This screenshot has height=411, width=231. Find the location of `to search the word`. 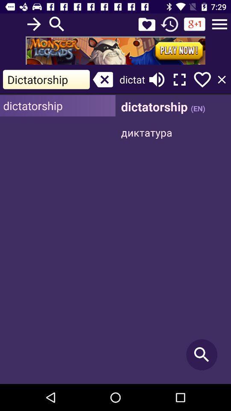

to search the word is located at coordinates (57, 24).